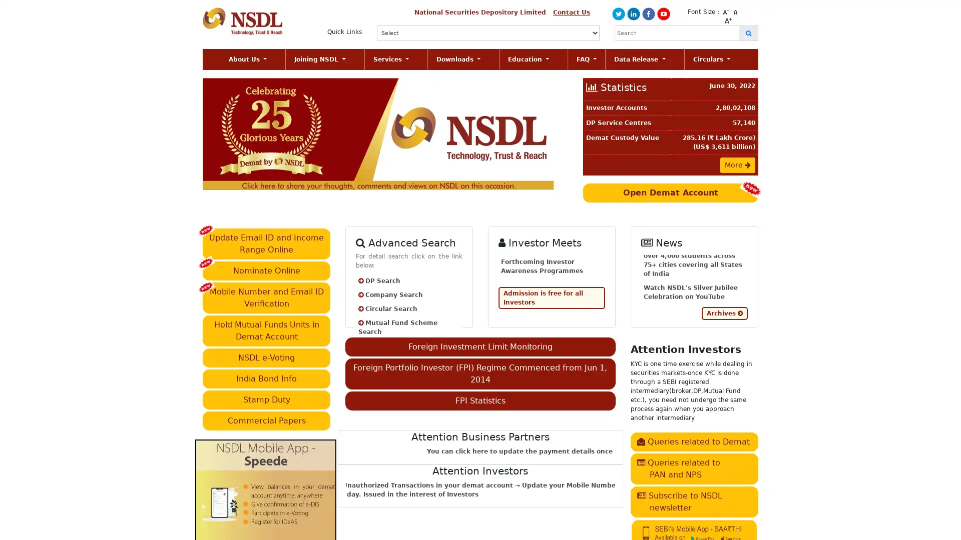 The height and width of the screenshot is (540, 961). I want to click on NSDL e-Voting, so click(266, 356).